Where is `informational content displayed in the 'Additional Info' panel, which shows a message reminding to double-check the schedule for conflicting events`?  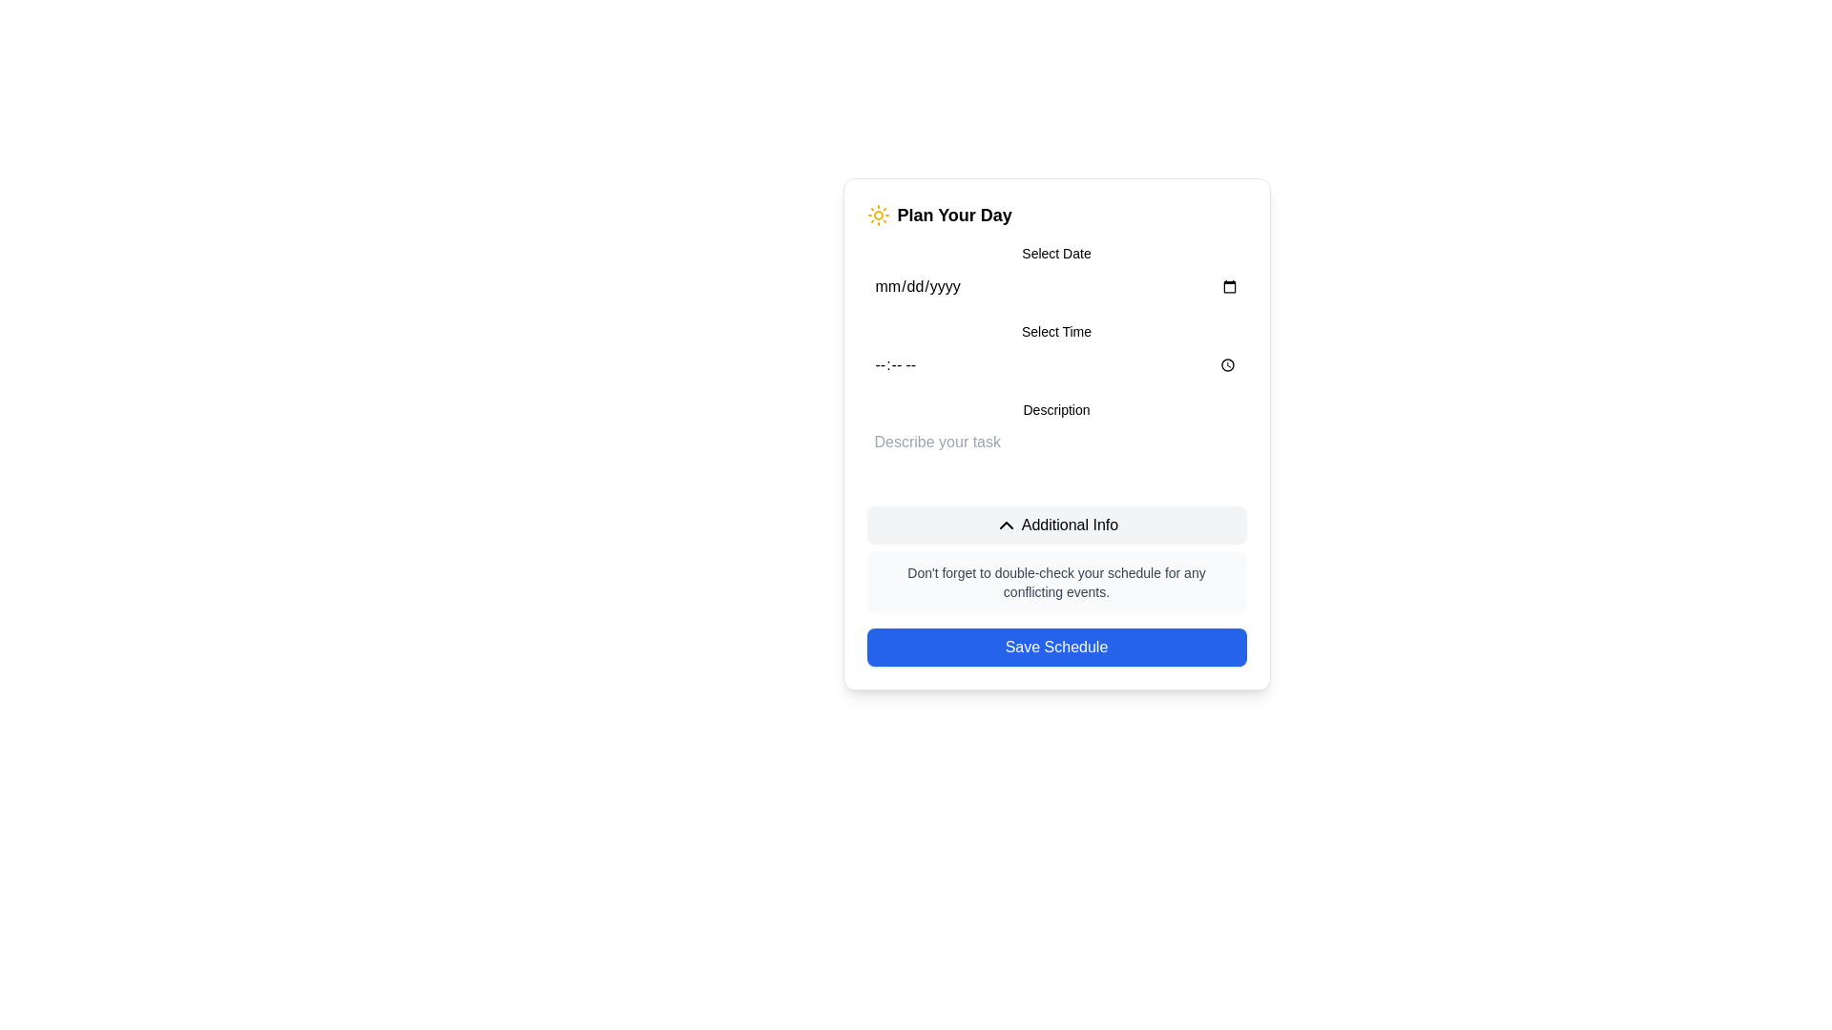 informational content displayed in the 'Additional Info' panel, which shows a message reminding to double-check the schedule for conflicting events is located at coordinates (1055, 558).